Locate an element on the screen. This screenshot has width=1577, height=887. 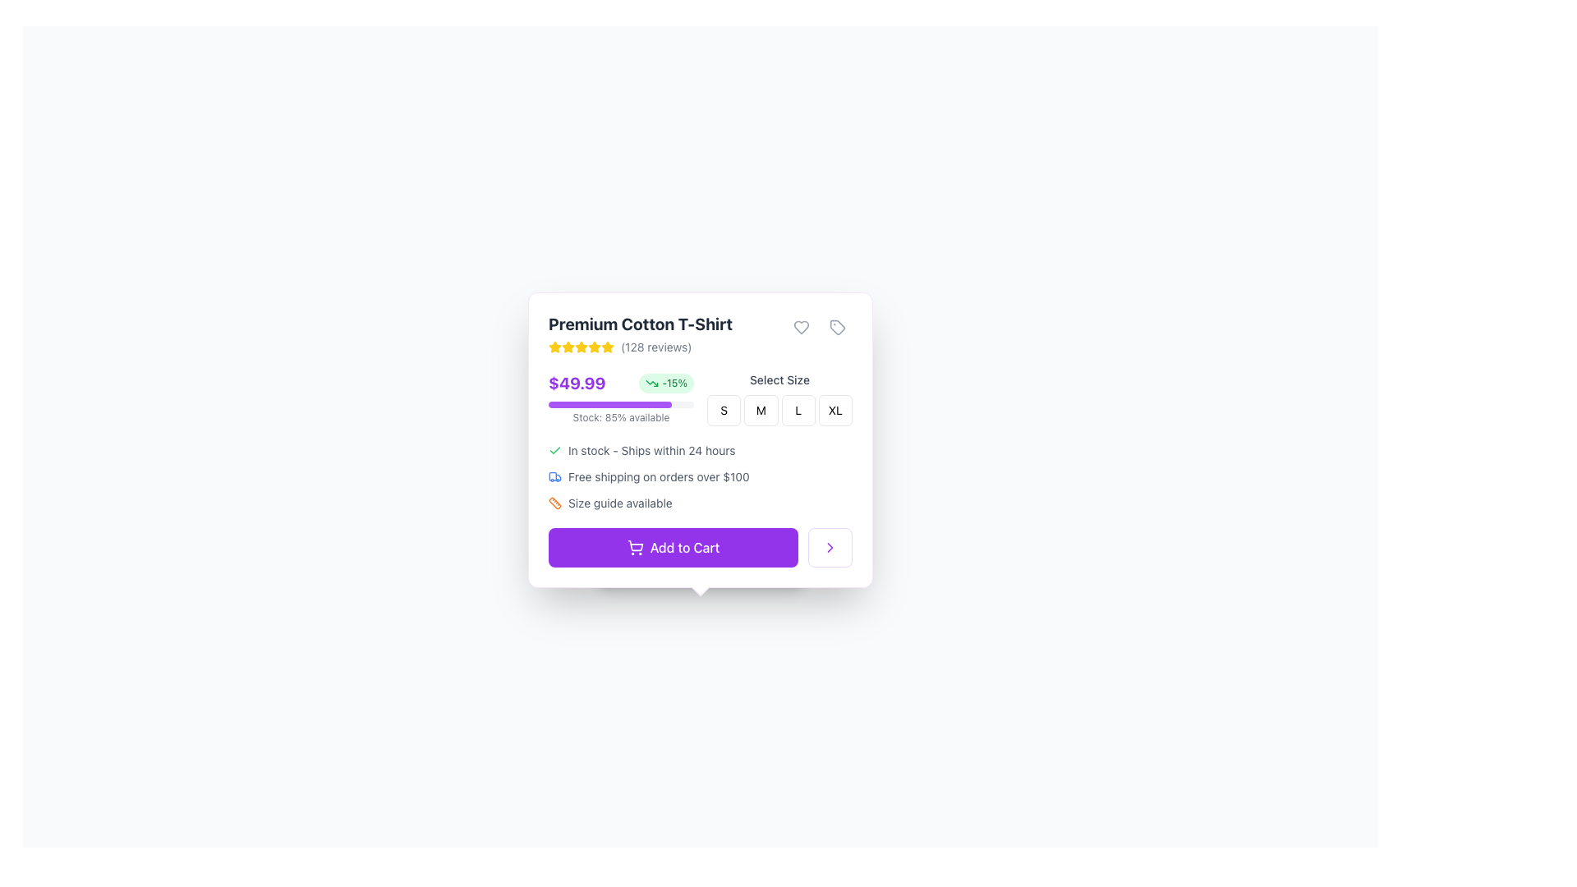
the decorative icon located in the top right corner of the UI card showcasing product information is located at coordinates (837, 327).